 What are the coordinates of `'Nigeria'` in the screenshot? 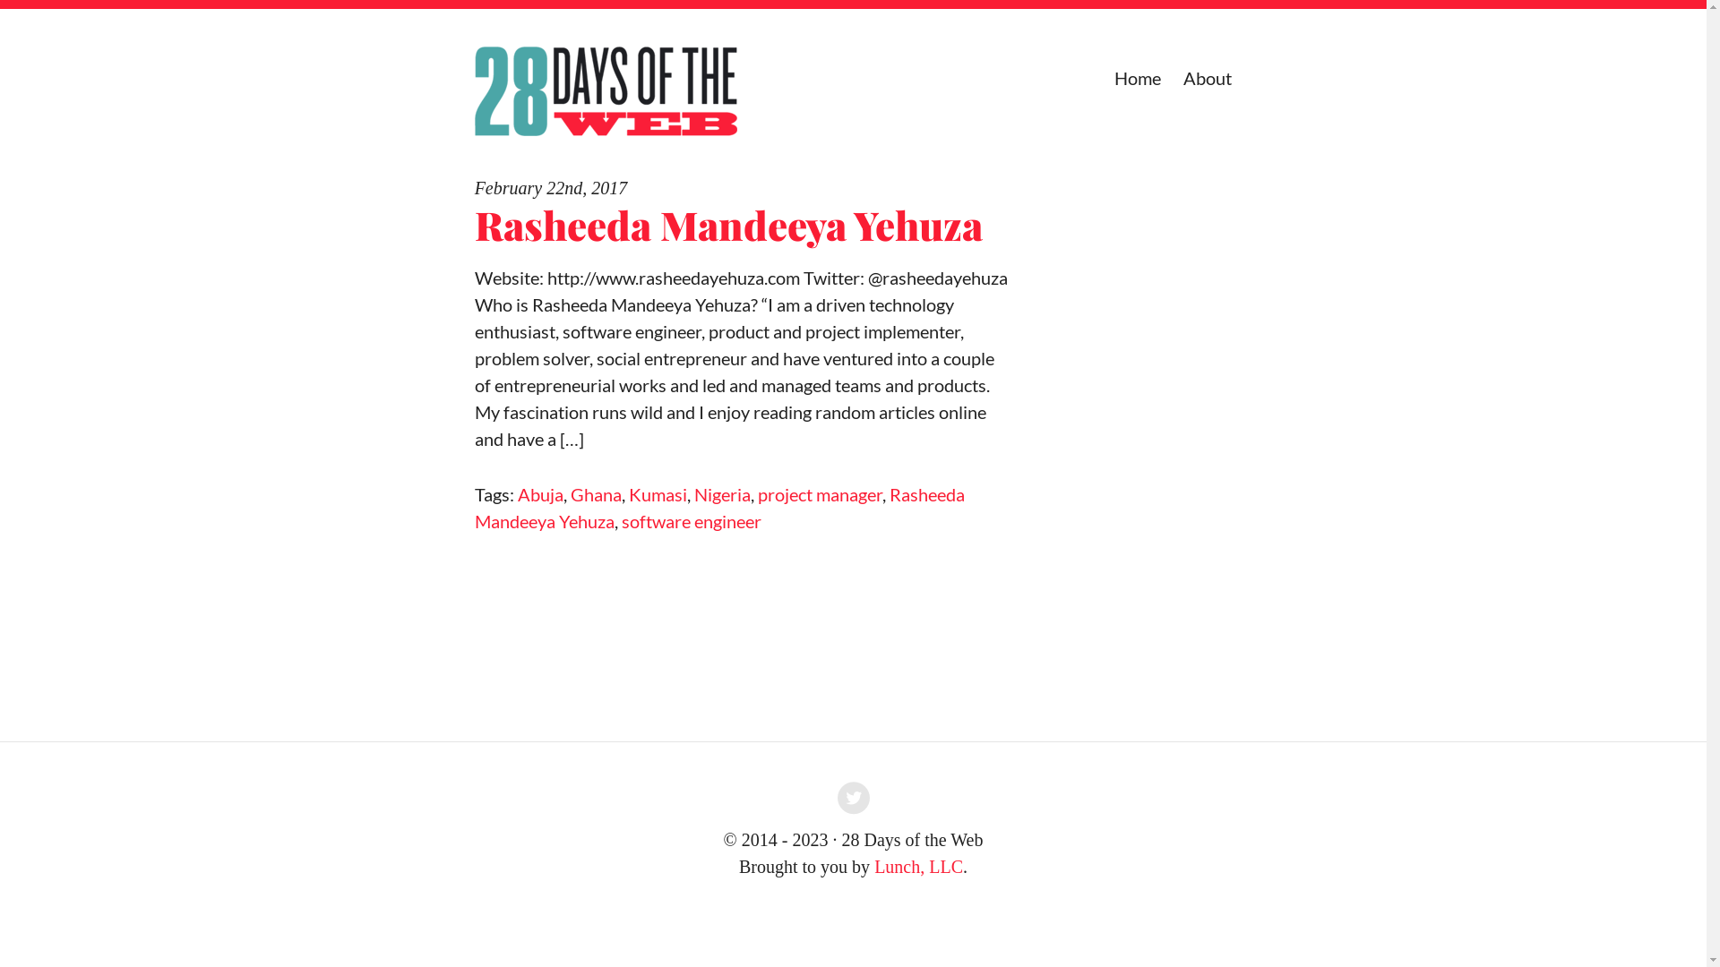 It's located at (722, 493).